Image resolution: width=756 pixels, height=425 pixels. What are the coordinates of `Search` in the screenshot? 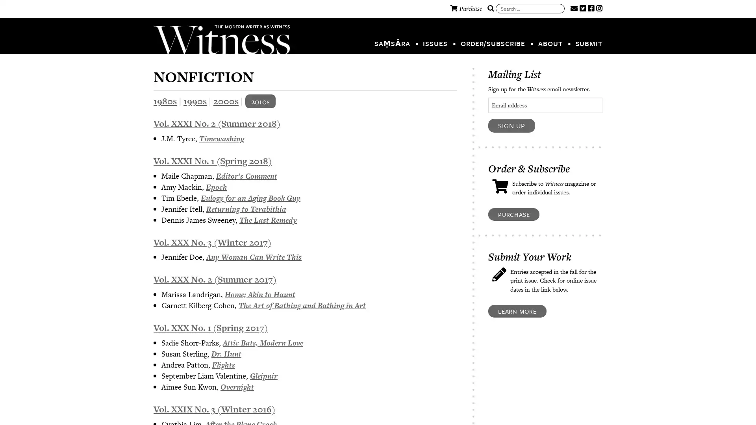 It's located at (490, 9).